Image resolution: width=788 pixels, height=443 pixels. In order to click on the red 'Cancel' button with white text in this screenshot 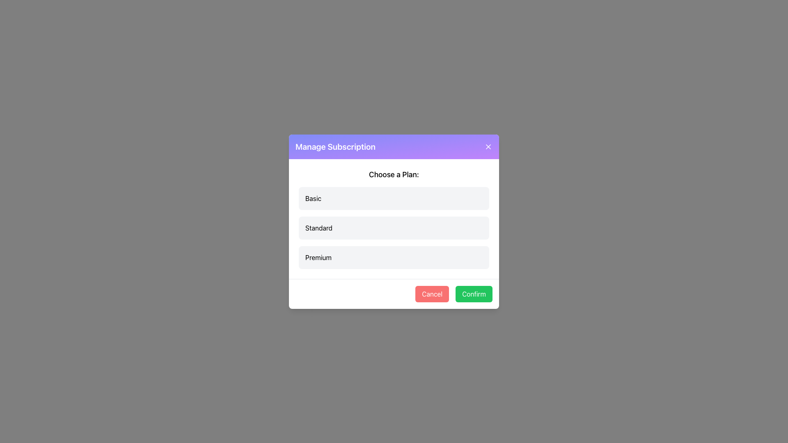, I will do `click(432, 293)`.